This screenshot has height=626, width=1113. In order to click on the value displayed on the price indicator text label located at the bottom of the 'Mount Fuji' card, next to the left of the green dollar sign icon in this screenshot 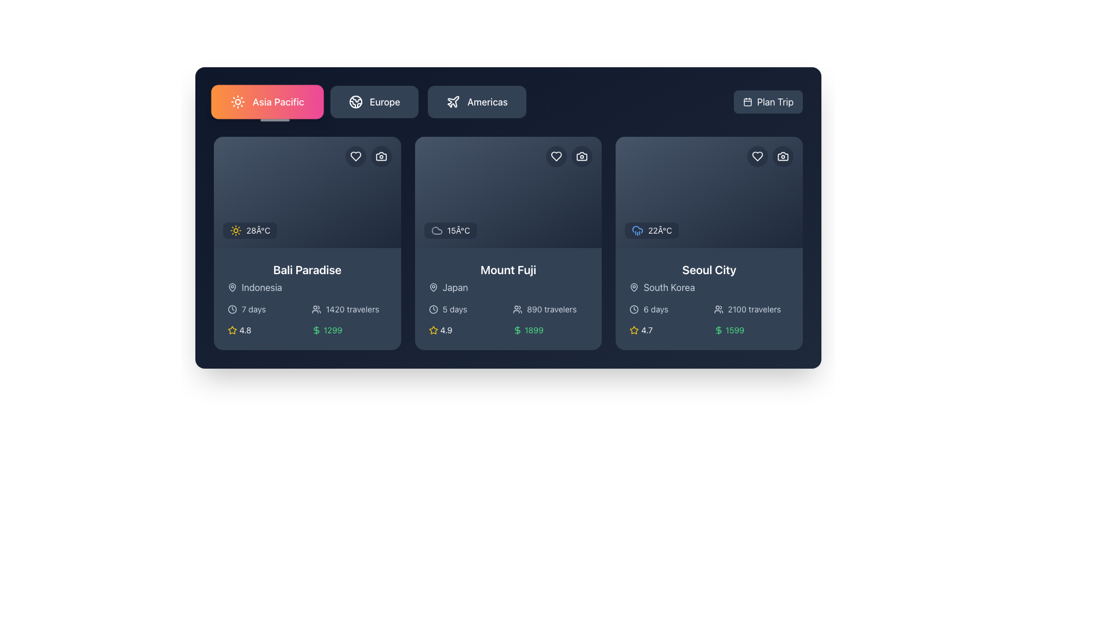, I will do `click(533, 330)`.